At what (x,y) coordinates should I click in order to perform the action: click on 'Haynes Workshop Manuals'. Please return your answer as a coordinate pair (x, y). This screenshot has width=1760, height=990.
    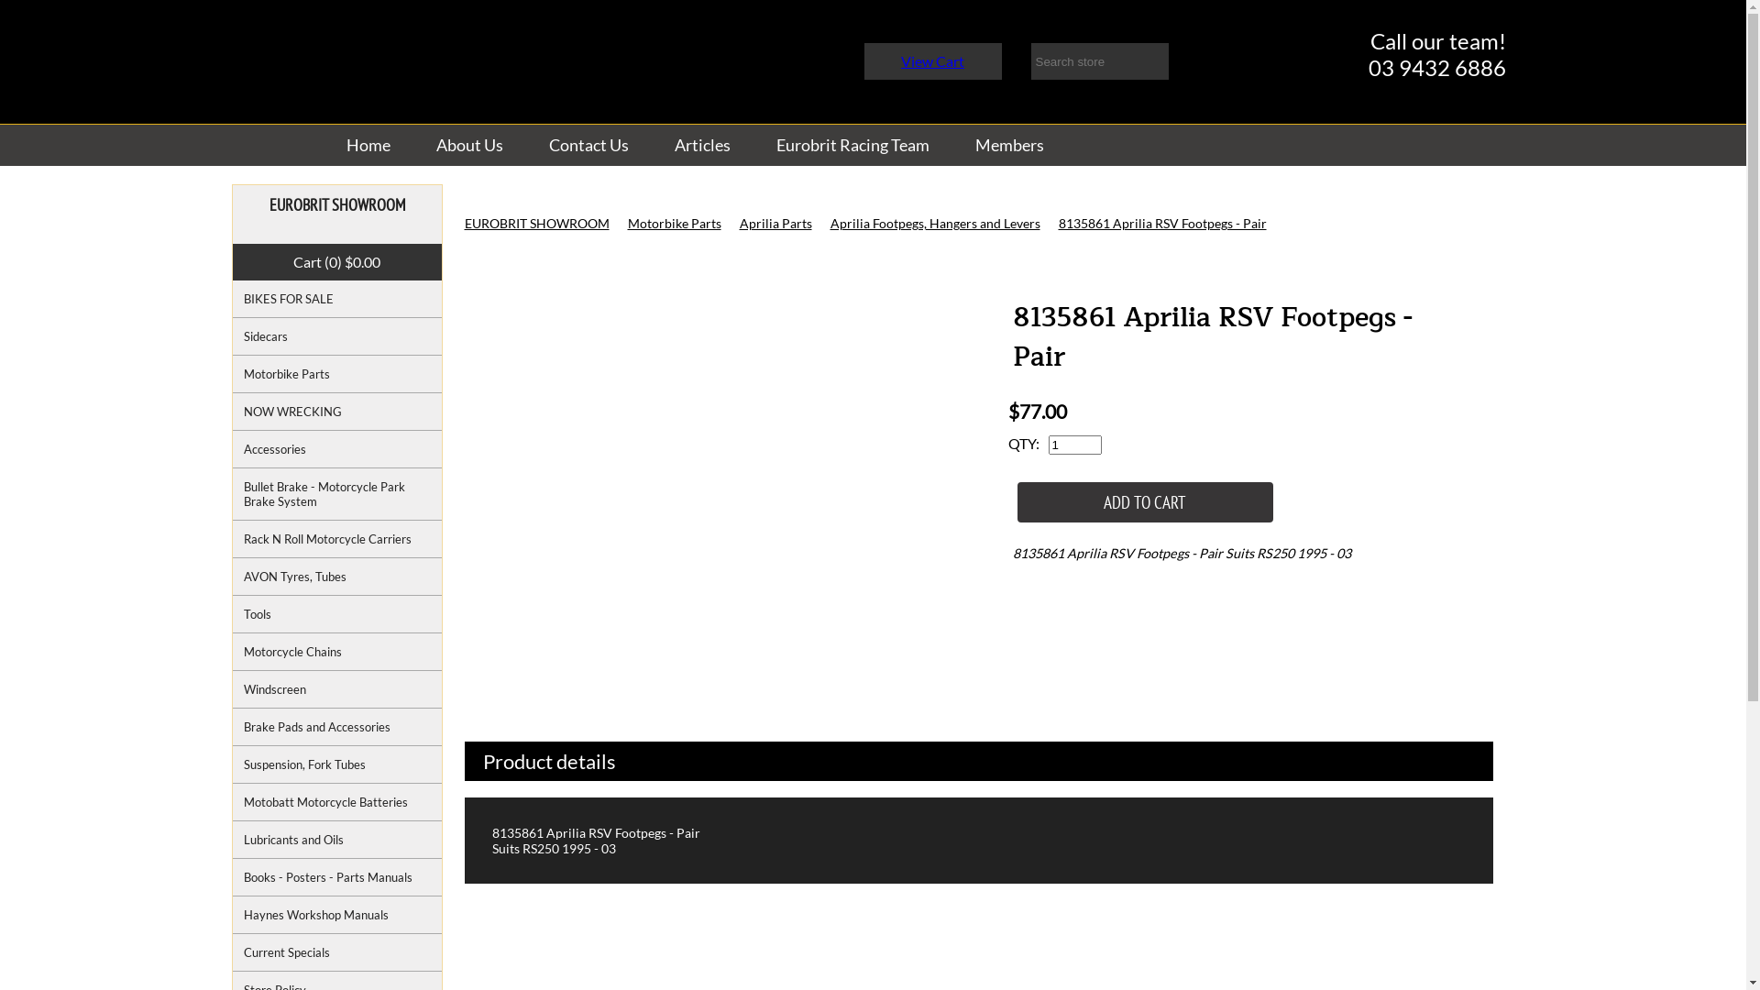
    Looking at the image, I should click on (337, 915).